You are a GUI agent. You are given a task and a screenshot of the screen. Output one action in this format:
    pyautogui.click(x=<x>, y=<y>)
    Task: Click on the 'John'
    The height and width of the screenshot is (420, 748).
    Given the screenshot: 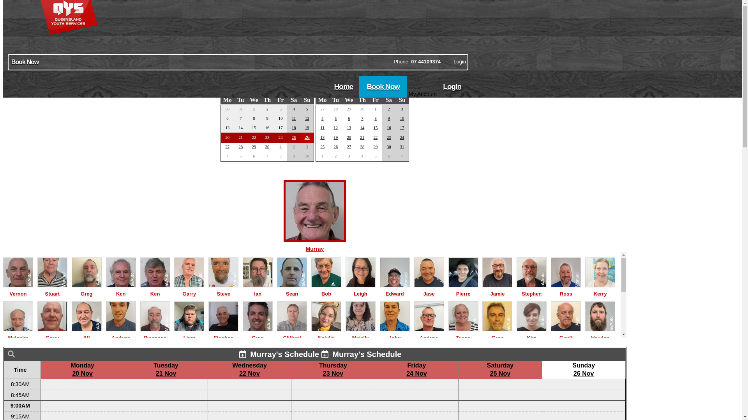 What is the action you would take?
    pyautogui.click(x=395, y=333)
    